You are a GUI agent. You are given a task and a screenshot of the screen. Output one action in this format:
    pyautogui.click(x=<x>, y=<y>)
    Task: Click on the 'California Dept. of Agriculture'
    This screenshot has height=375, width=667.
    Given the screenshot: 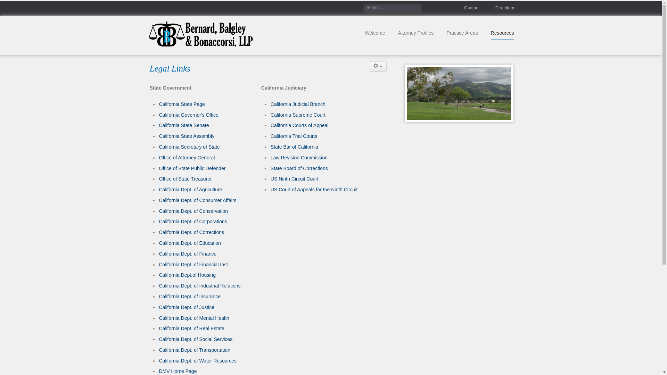 What is the action you would take?
    pyautogui.click(x=190, y=190)
    